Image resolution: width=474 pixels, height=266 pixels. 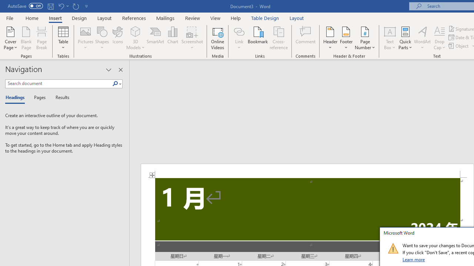 What do you see at coordinates (330, 38) in the screenshot?
I see `'Header'` at bounding box center [330, 38].